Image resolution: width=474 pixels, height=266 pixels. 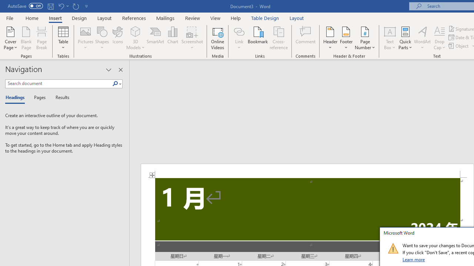 What do you see at coordinates (330, 38) in the screenshot?
I see `'Header'` at bounding box center [330, 38].